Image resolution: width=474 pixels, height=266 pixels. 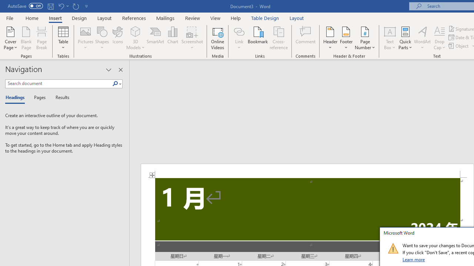 What do you see at coordinates (330, 38) in the screenshot?
I see `'Header'` at bounding box center [330, 38].